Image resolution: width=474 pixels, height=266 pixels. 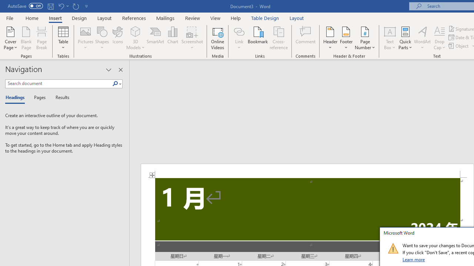 What do you see at coordinates (330, 38) in the screenshot?
I see `'Header'` at bounding box center [330, 38].